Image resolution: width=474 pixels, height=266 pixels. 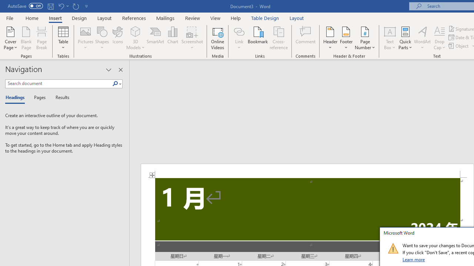 What do you see at coordinates (330, 38) in the screenshot?
I see `'Header'` at bounding box center [330, 38].